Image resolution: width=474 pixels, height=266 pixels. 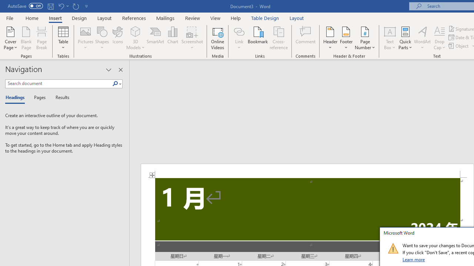 What do you see at coordinates (330, 38) in the screenshot?
I see `'Header'` at bounding box center [330, 38].